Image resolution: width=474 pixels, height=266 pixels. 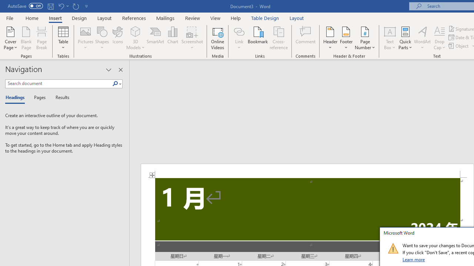 What do you see at coordinates (330, 38) in the screenshot?
I see `'Header'` at bounding box center [330, 38].